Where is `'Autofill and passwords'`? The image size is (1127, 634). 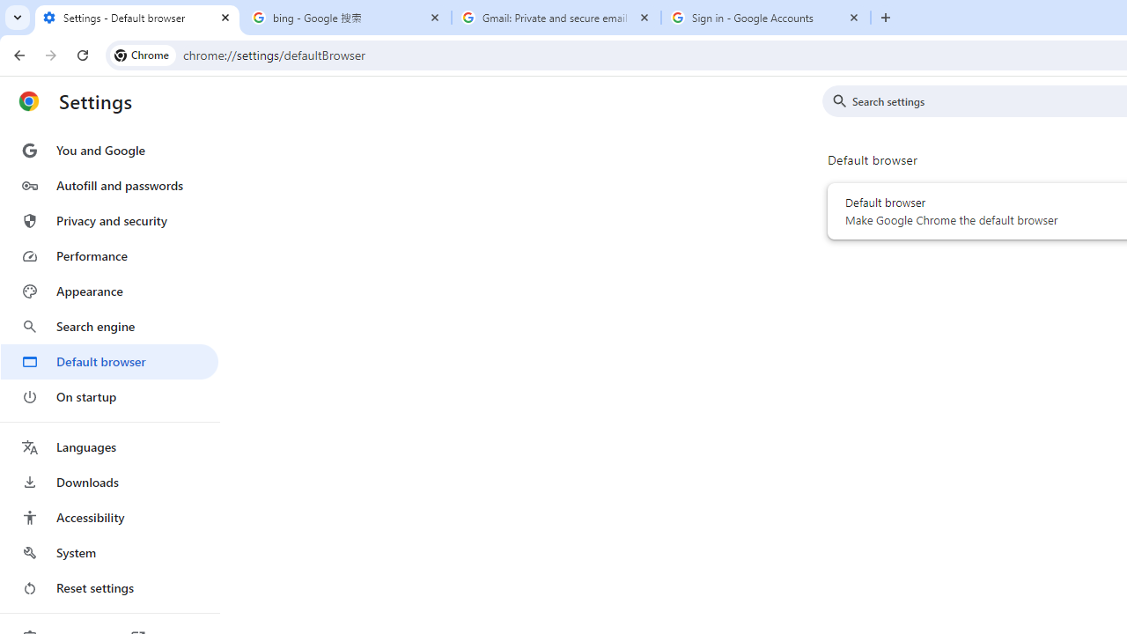 'Autofill and passwords' is located at coordinates (108, 185).